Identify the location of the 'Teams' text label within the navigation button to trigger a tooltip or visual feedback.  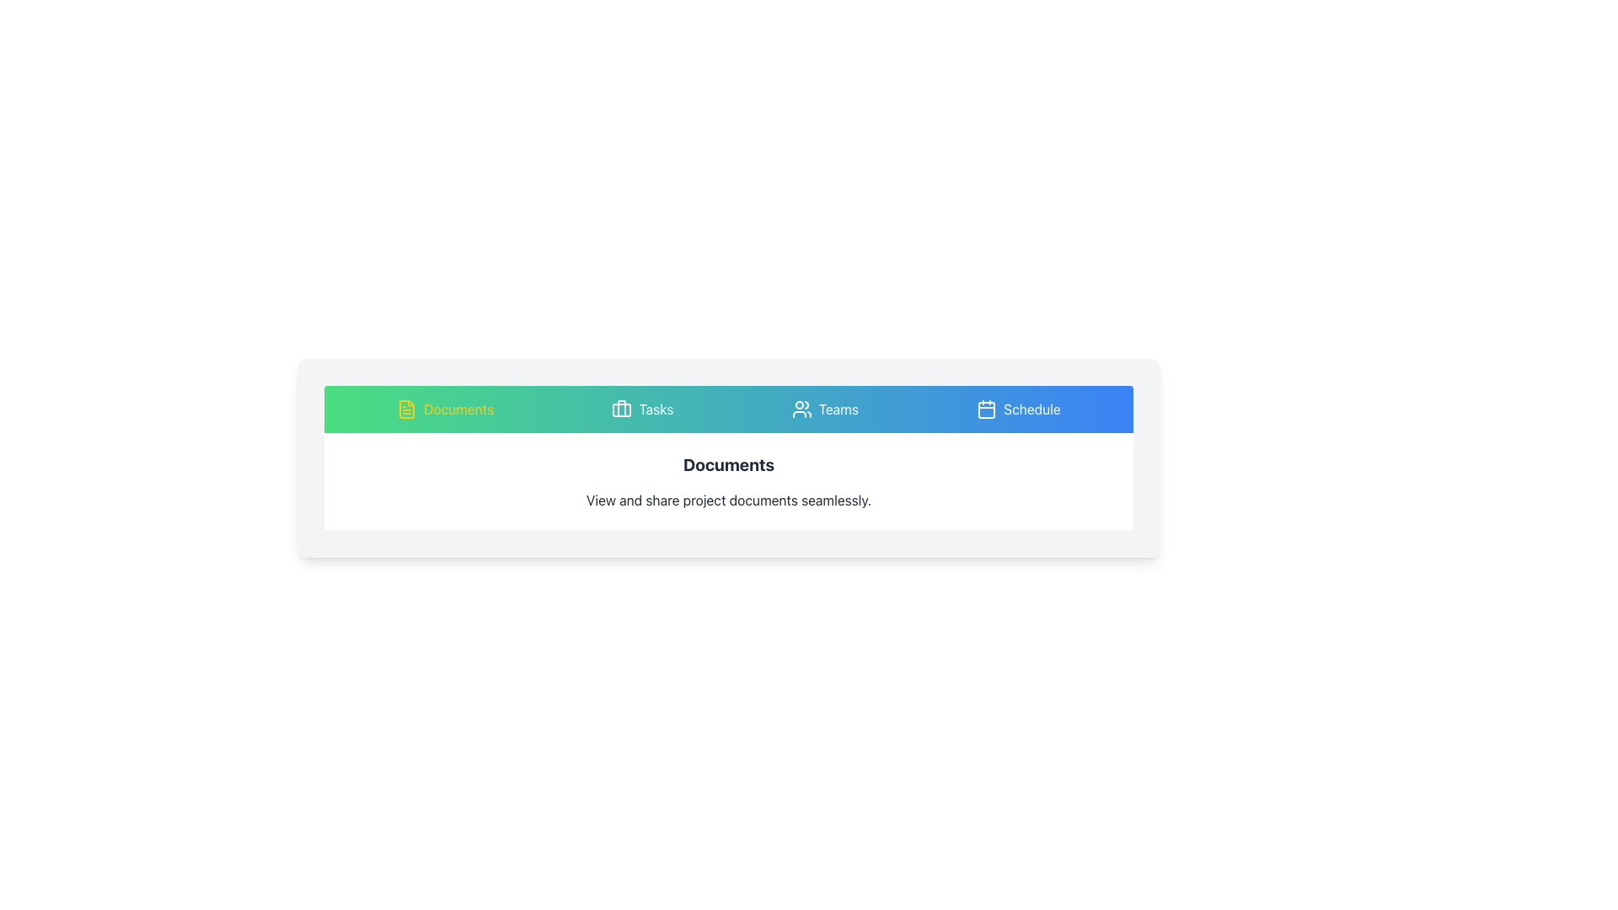
(838, 409).